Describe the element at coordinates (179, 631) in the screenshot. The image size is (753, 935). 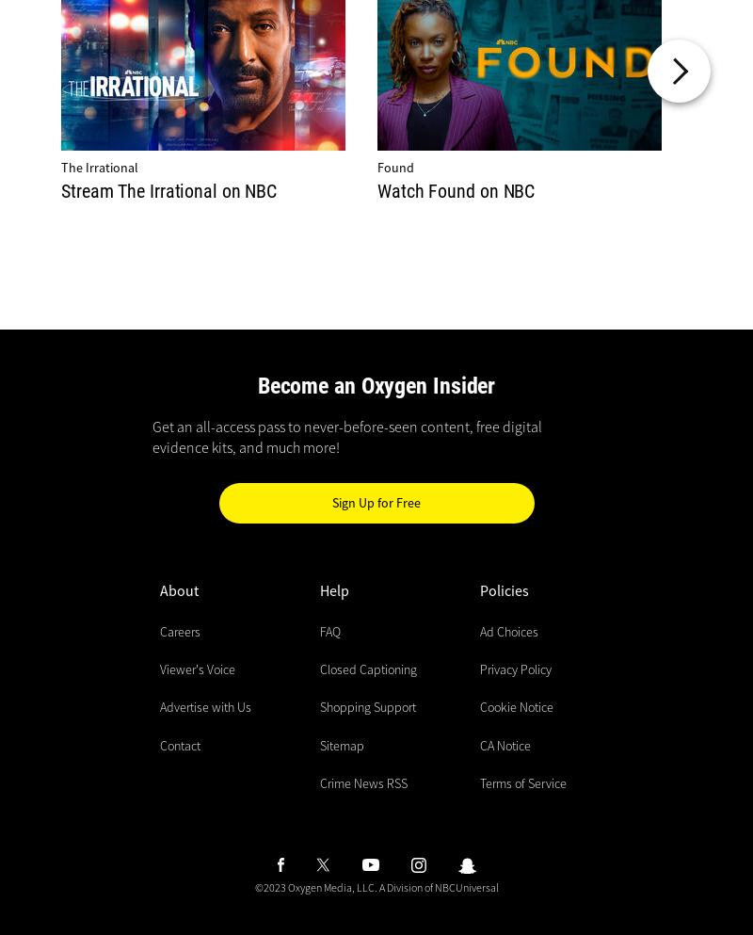
I see `'Careers'` at that location.